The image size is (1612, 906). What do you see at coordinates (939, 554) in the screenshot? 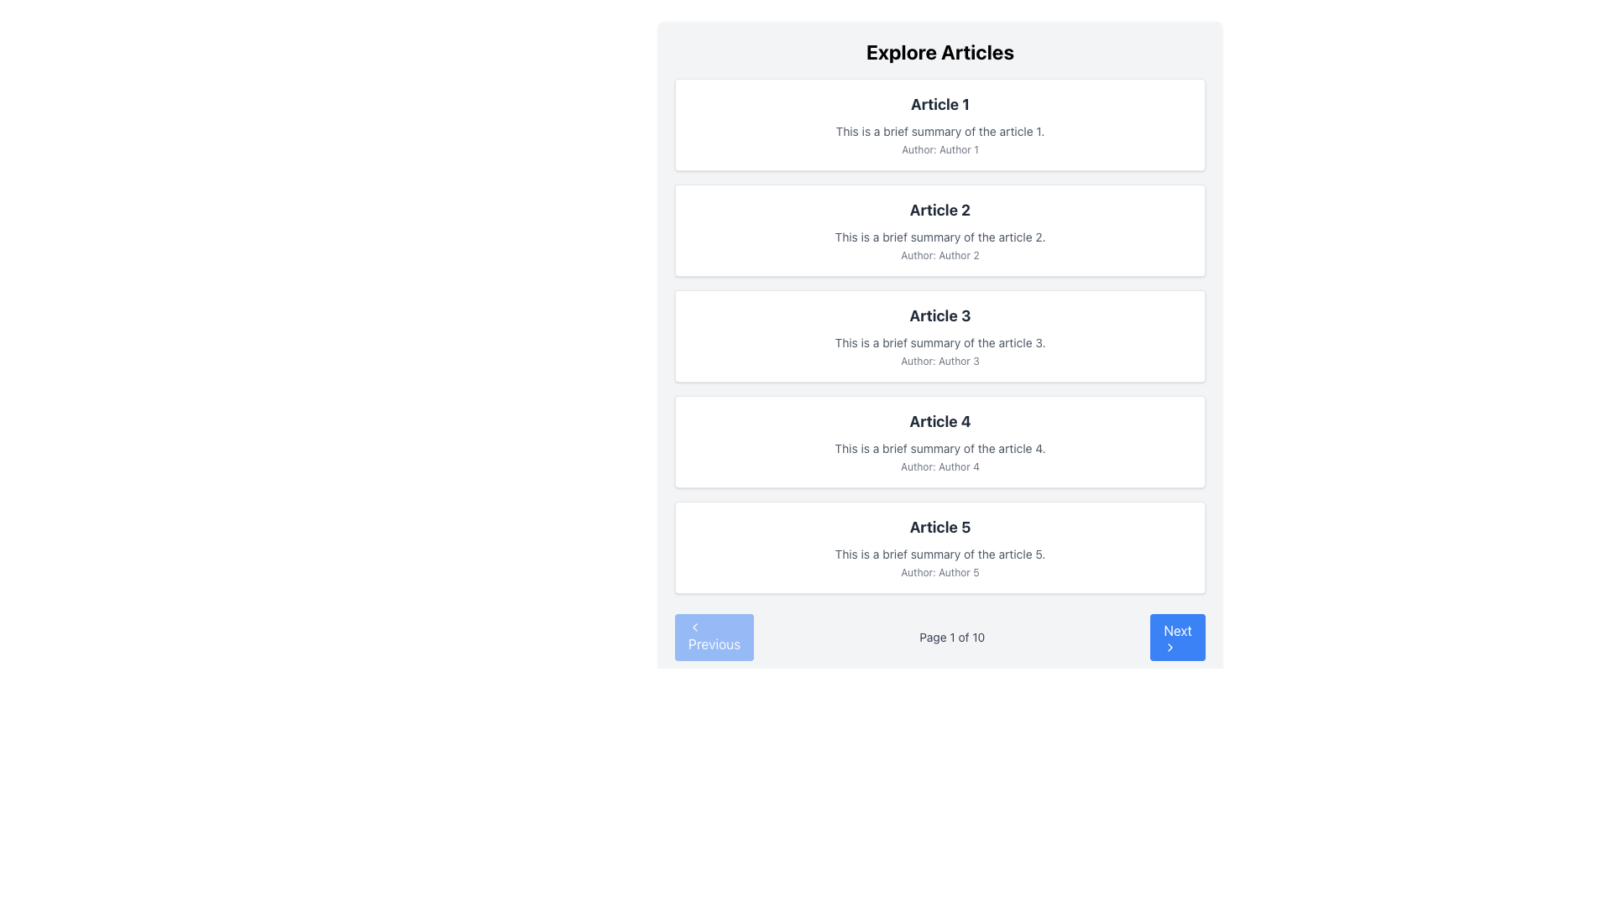
I see `the summary text that provides concise information about the content of 'Article 5', positioned between the title and author information` at bounding box center [939, 554].